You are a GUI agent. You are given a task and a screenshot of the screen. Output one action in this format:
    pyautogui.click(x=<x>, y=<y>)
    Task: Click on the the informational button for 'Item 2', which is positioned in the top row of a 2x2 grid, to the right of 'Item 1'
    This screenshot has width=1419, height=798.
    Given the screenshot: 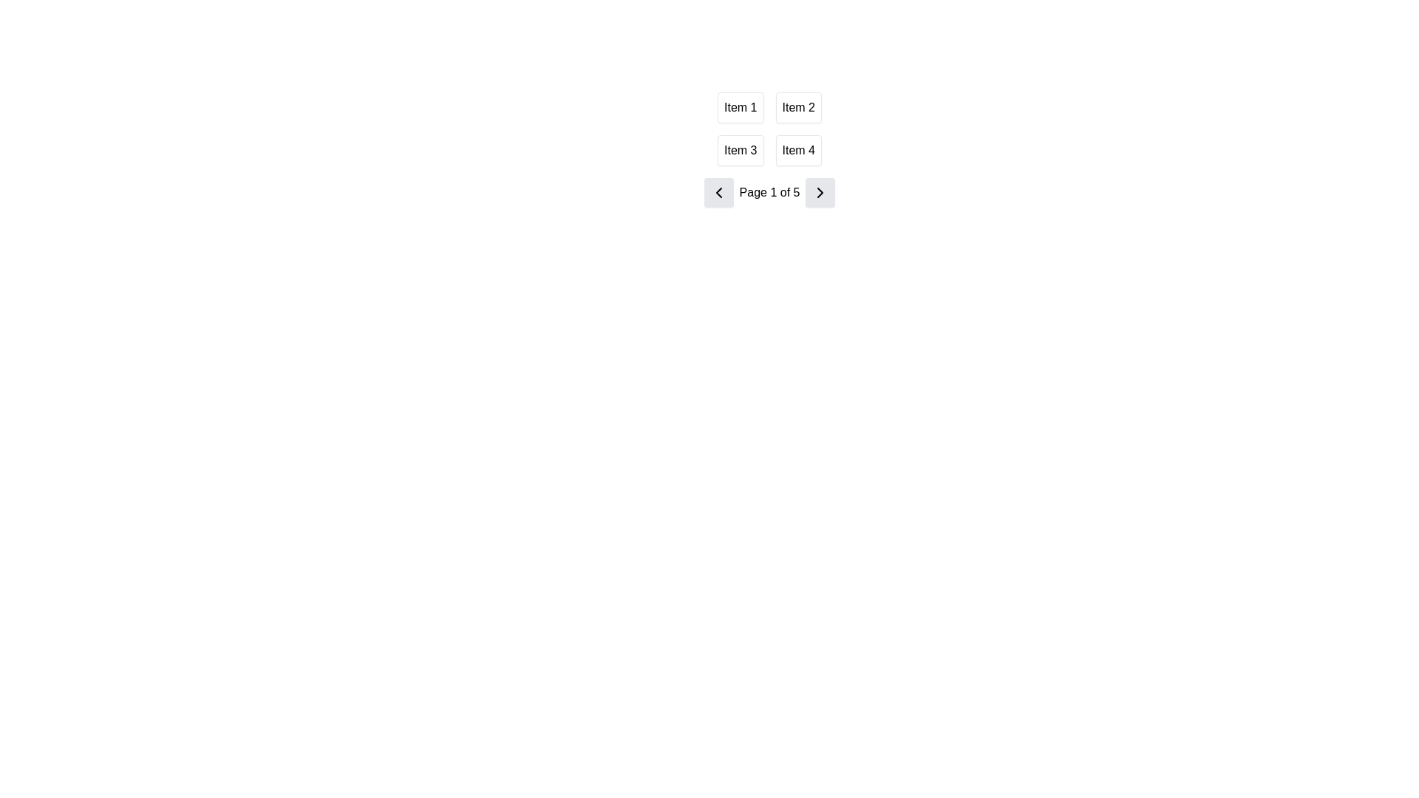 What is the action you would take?
    pyautogui.click(x=797, y=107)
    